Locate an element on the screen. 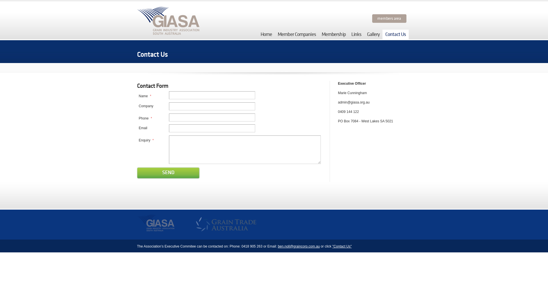 This screenshot has height=308, width=548. 'ben.noll@graincorp.com.au' is located at coordinates (298, 246).